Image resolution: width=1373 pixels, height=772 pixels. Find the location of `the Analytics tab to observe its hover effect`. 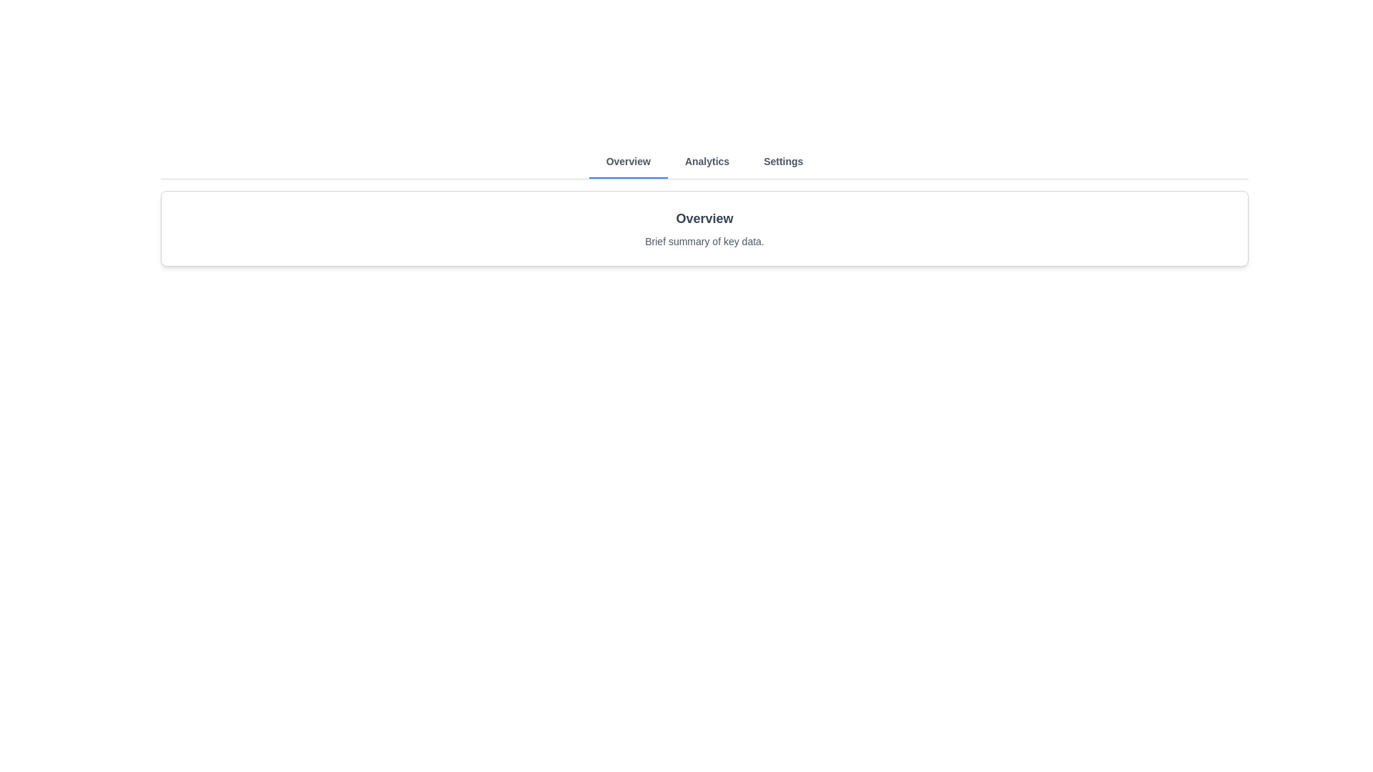

the Analytics tab to observe its hover effect is located at coordinates (707, 161).